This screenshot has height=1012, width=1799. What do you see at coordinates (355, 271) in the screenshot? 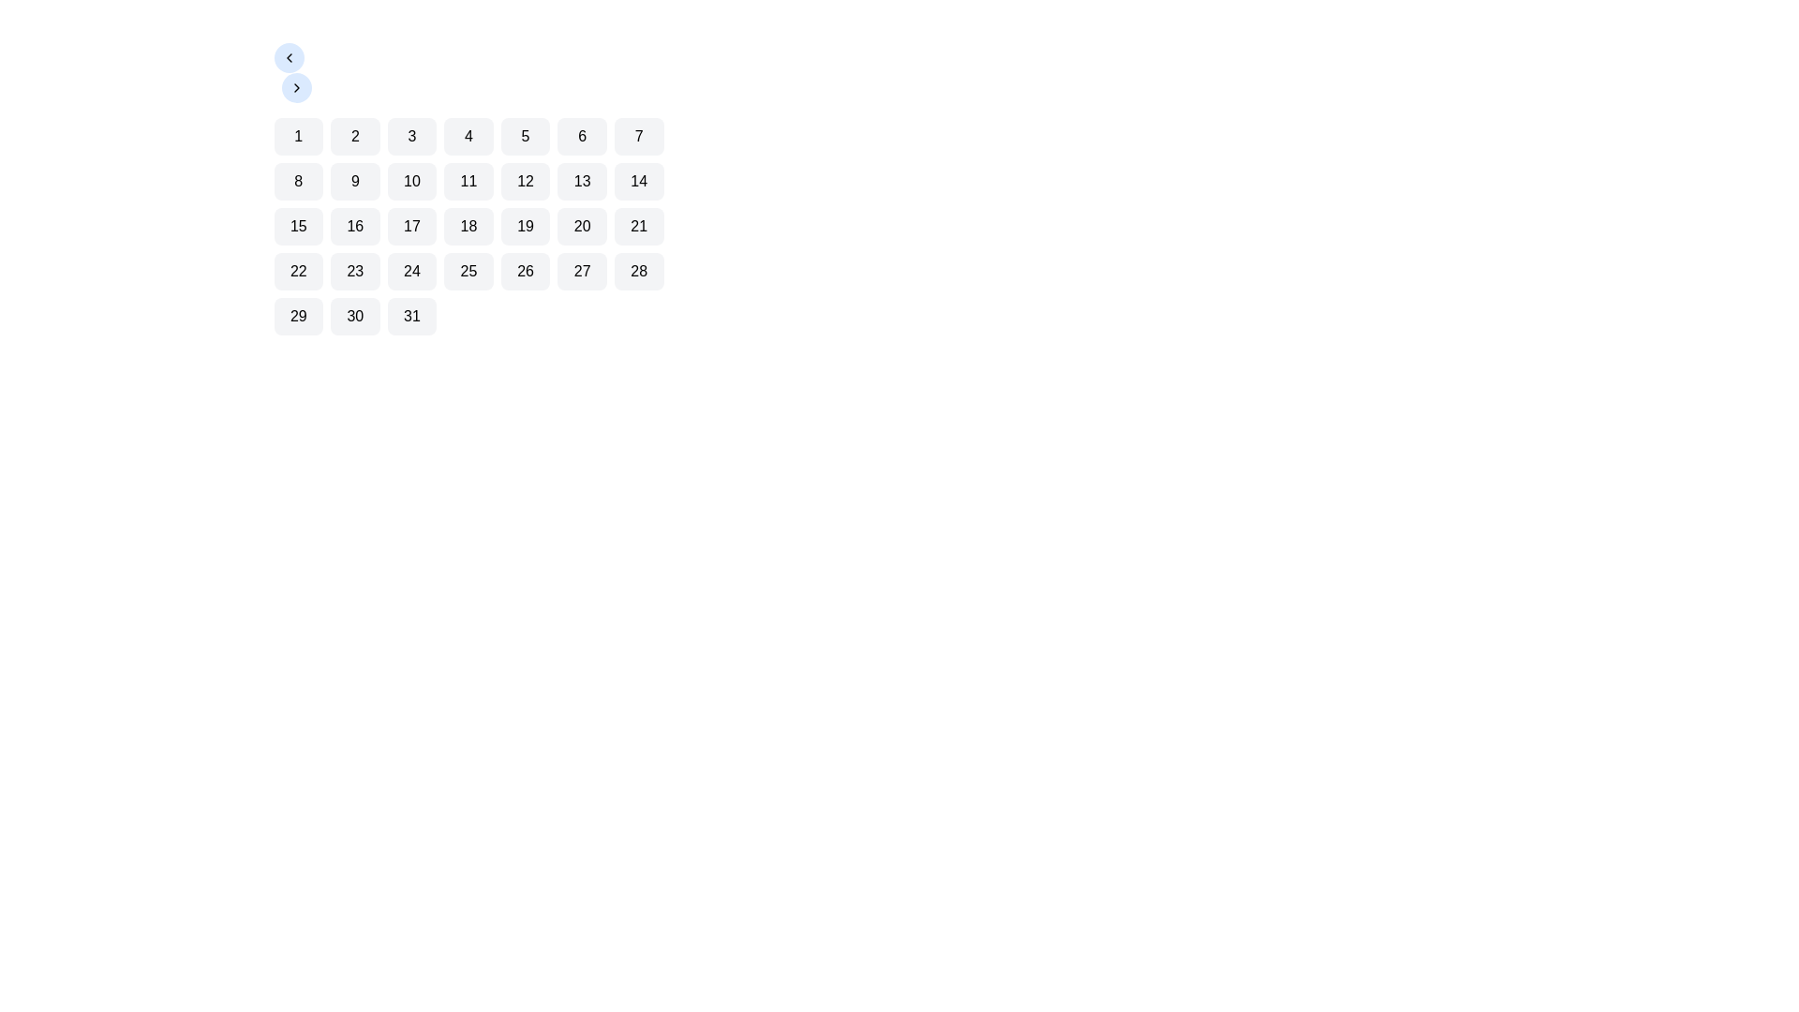
I see `the button representing the number '23' in the selectable grid interface located in the fourth row and second column` at bounding box center [355, 271].